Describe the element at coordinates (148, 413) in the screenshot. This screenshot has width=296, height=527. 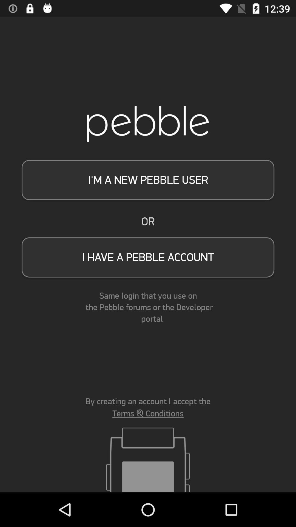
I see `the icon below by creating an` at that location.